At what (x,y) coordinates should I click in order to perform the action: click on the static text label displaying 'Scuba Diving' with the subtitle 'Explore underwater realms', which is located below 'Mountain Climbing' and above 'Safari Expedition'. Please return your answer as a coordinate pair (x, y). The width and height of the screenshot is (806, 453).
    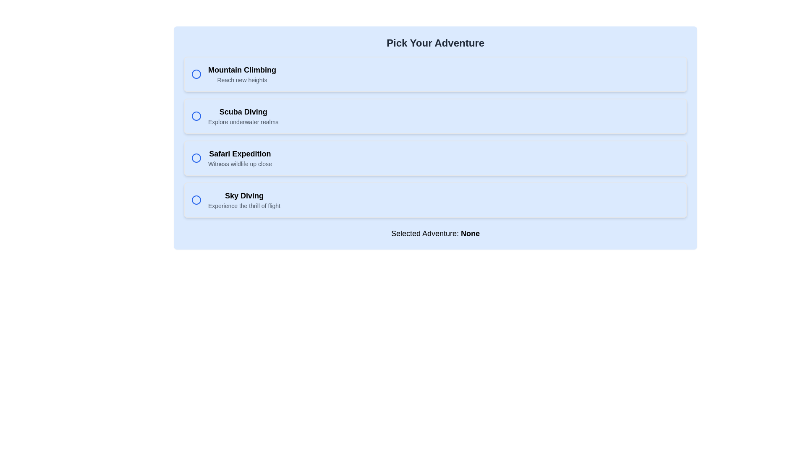
    Looking at the image, I should click on (243, 116).